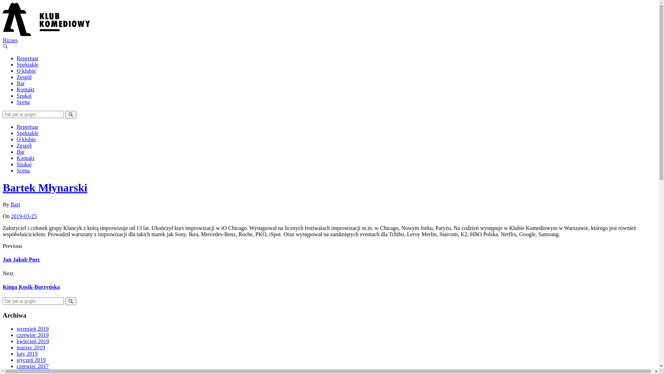 This screenshot has height=374, width=664. Describe the element at coordinates (30, 347) in the screenshot. I see `'marzec 2019'` at that location.